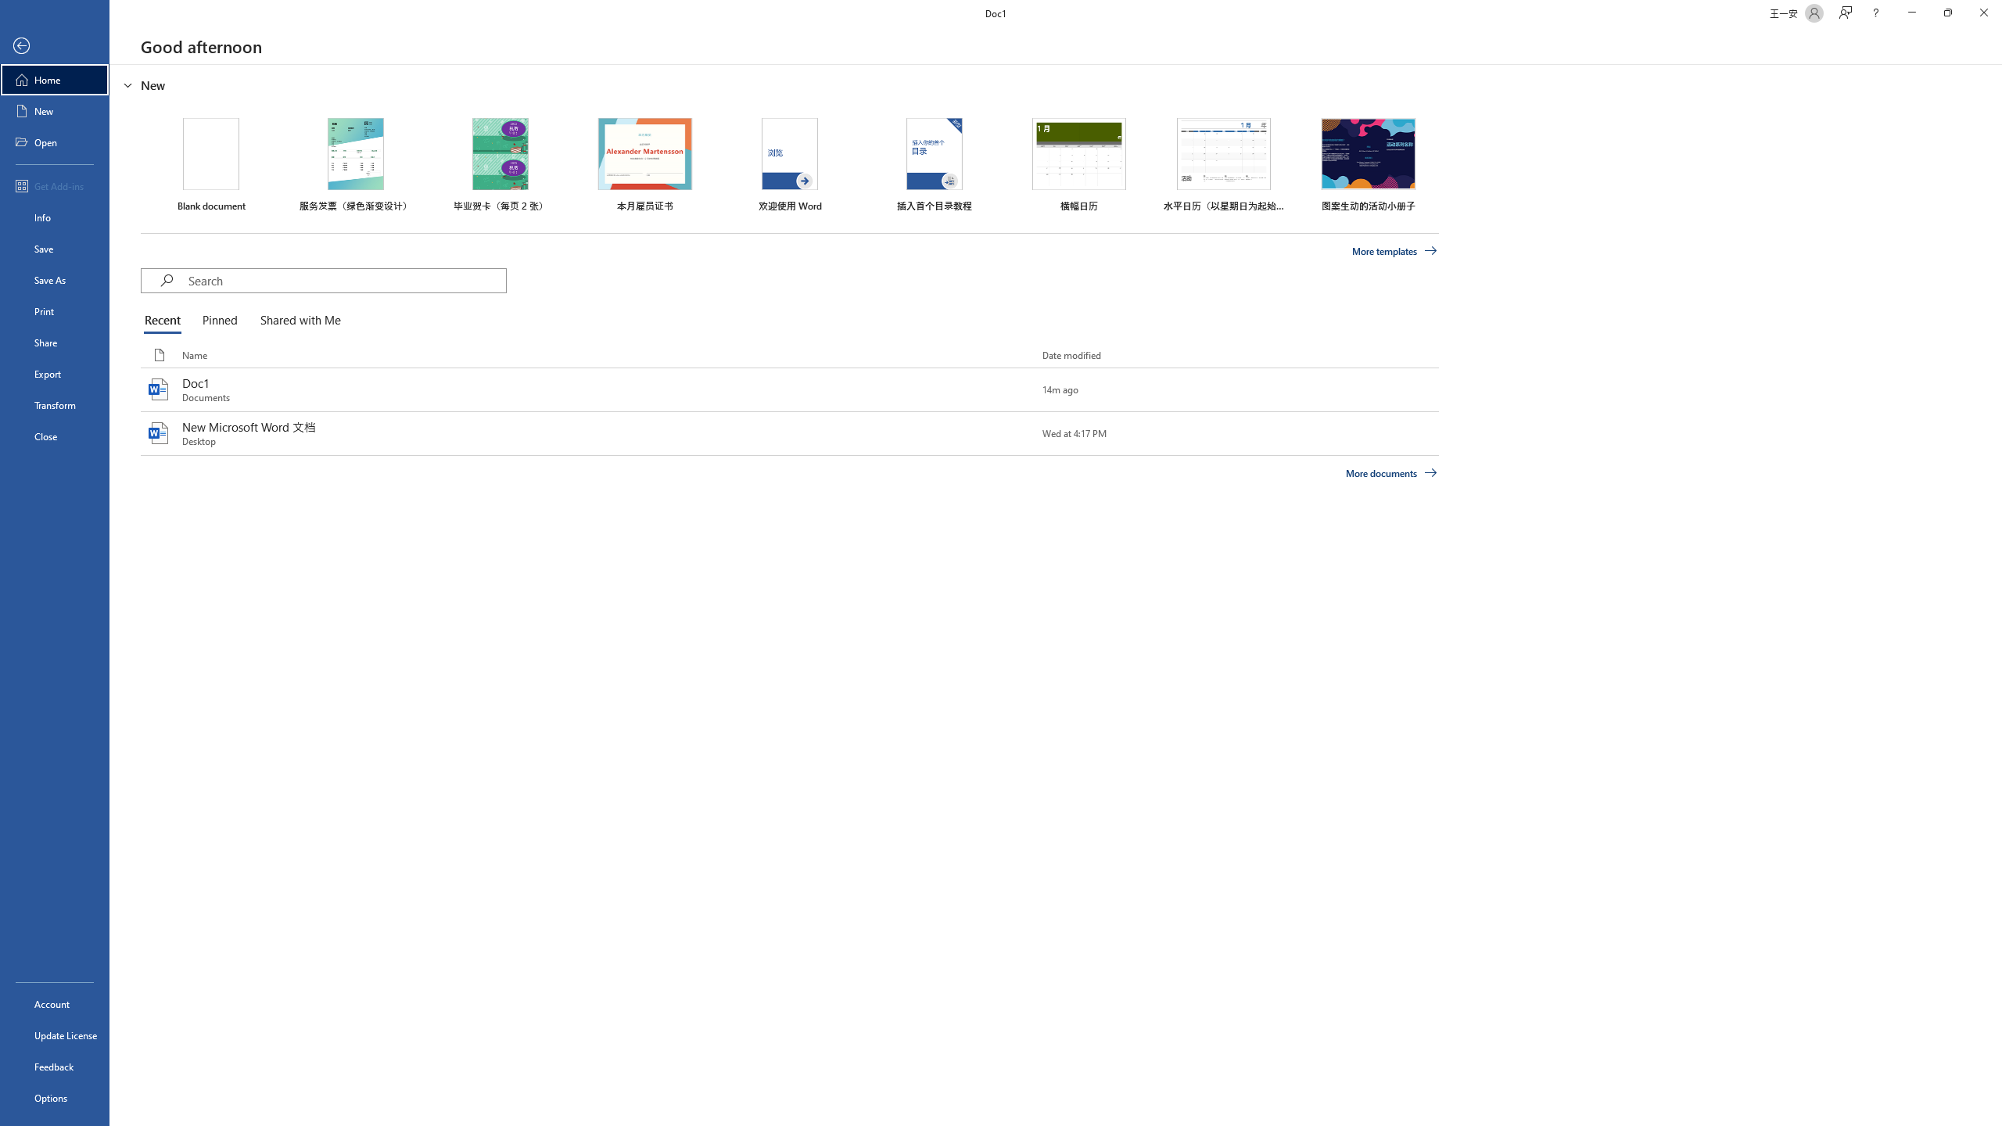 The height and width of the screenshot is (1126, 2002). Describe the element at coordinates (54, 45) in the screenshot. I see `'Back'` at that location.